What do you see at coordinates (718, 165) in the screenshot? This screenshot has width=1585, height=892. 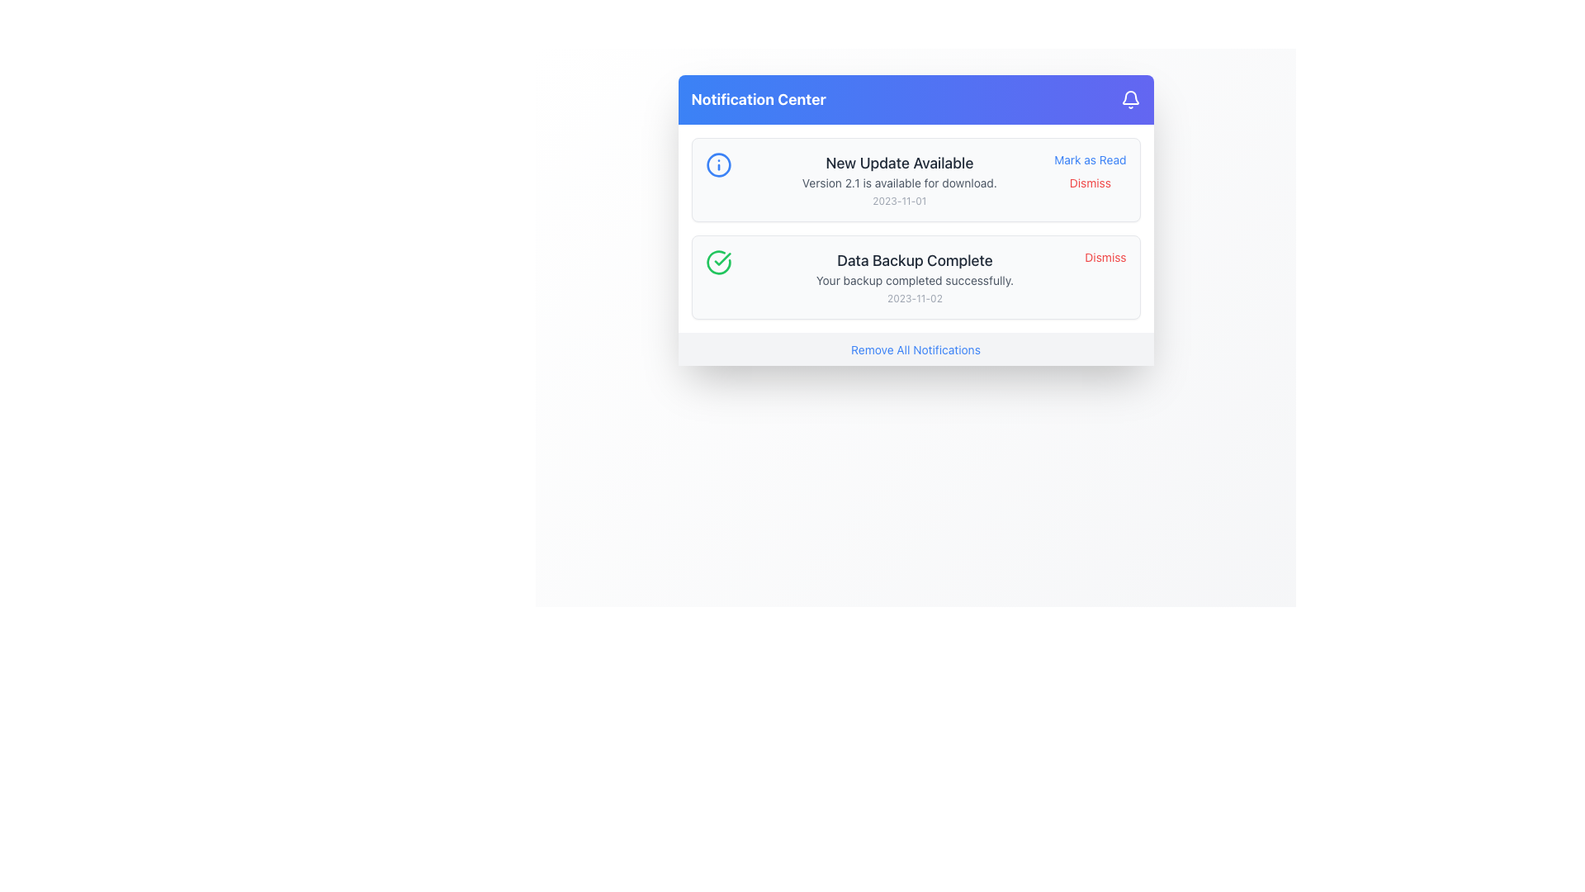 I see `the circular icon component that is part of the prominent blue-bordered icon, located to the left of the 'New Update Available' notification text` at bounding box center [718, 165].